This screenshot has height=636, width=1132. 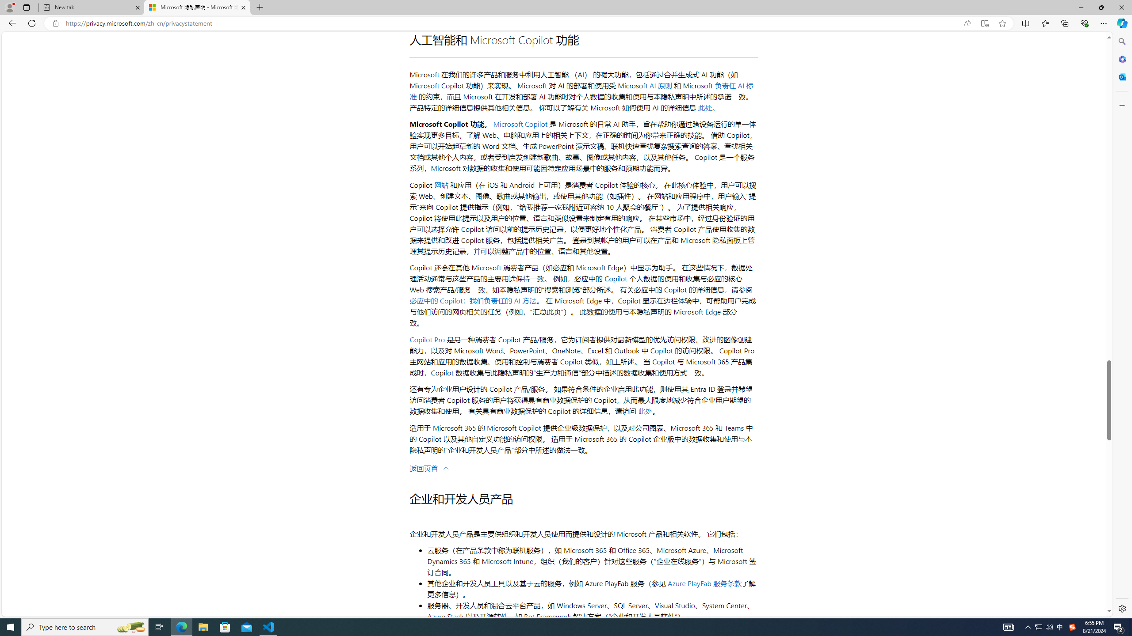 I want to click on 'Copilot Pro', so click(x=427, y=339).